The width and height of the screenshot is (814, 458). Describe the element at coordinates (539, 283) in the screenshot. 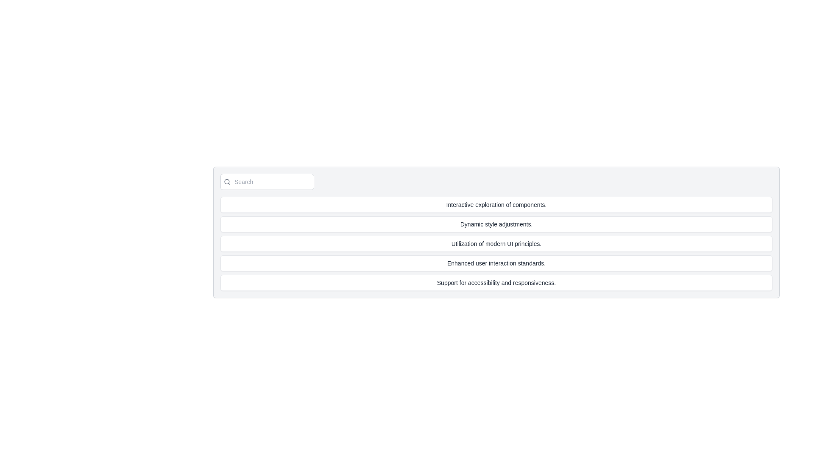

I see `the lowercase letter 'e' in the word 'responsiveness' within the text 'Support for accessibility and responsiveness.'` at that location.